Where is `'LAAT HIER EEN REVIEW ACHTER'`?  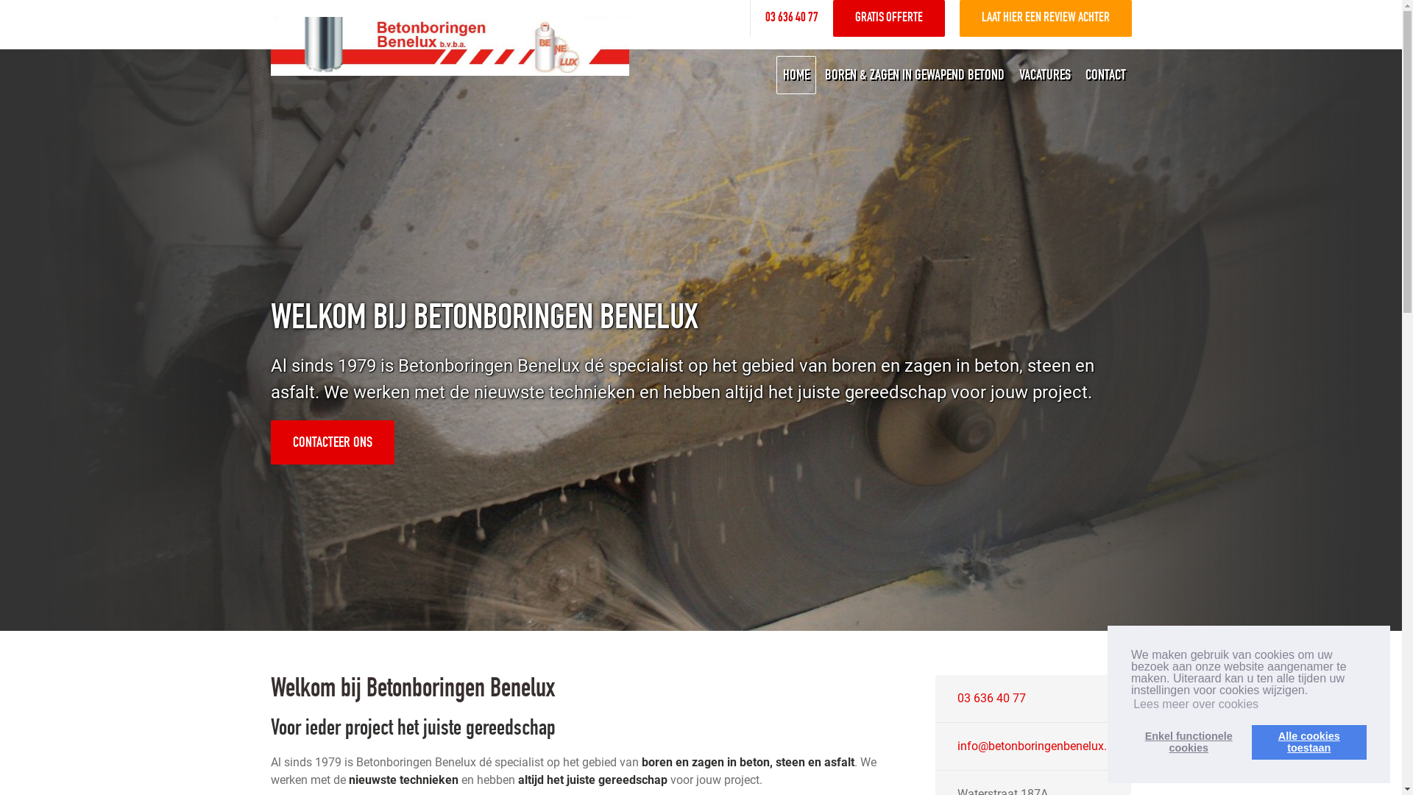 'LAAT HIER EEN REVIEW ACHTER' is located at coordinates (1044, 18).